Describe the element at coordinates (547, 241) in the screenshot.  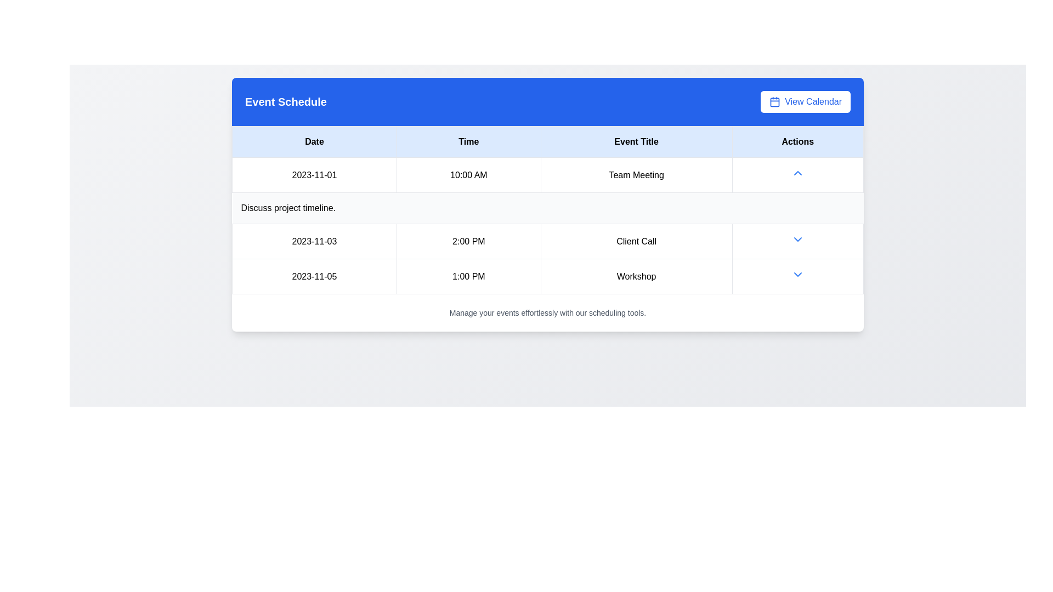
I see `event details of the second row in the schedule, which includes the date '2023-11-03', time '2:00 PM', and title 'Client Call'` at that location.